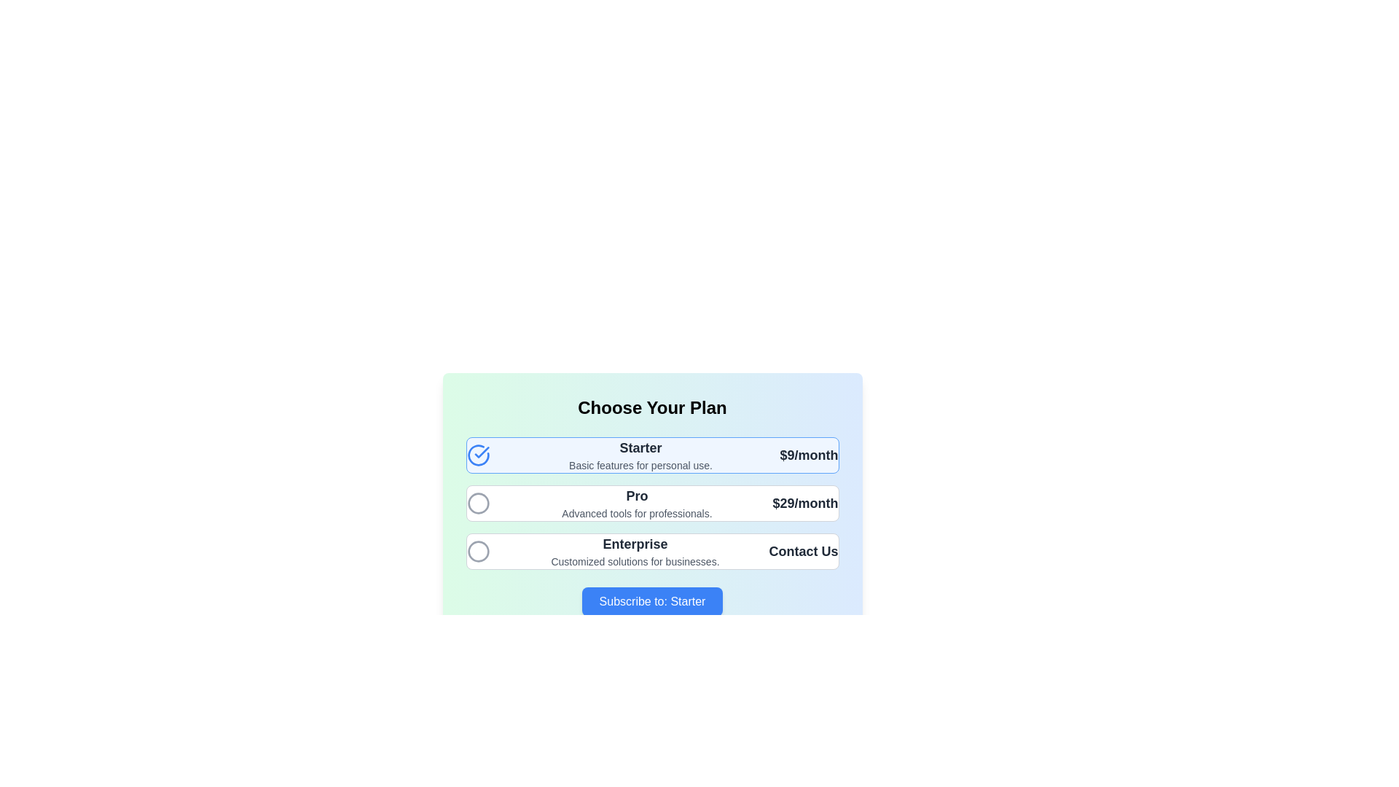 Image resolution: width=1399 pixels, height=787 pixels. I want to click on the radio button for the 'Pro' plan option, located in the 'Choose Your Plan' section, positioned between the 'Starter' and 'Enterprise' options, so click(478, 502).